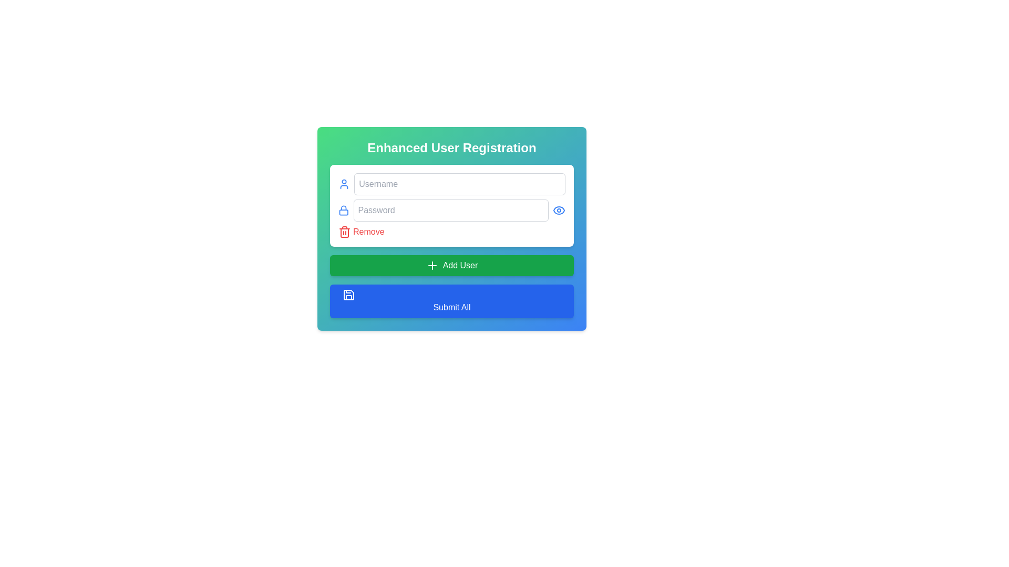 The height and width of the screenshot is (567, 1009). Describe the element at coordinates (368, 232) in the screenshot. I see `the text label or button associated with removing an entry from the form` at that location.